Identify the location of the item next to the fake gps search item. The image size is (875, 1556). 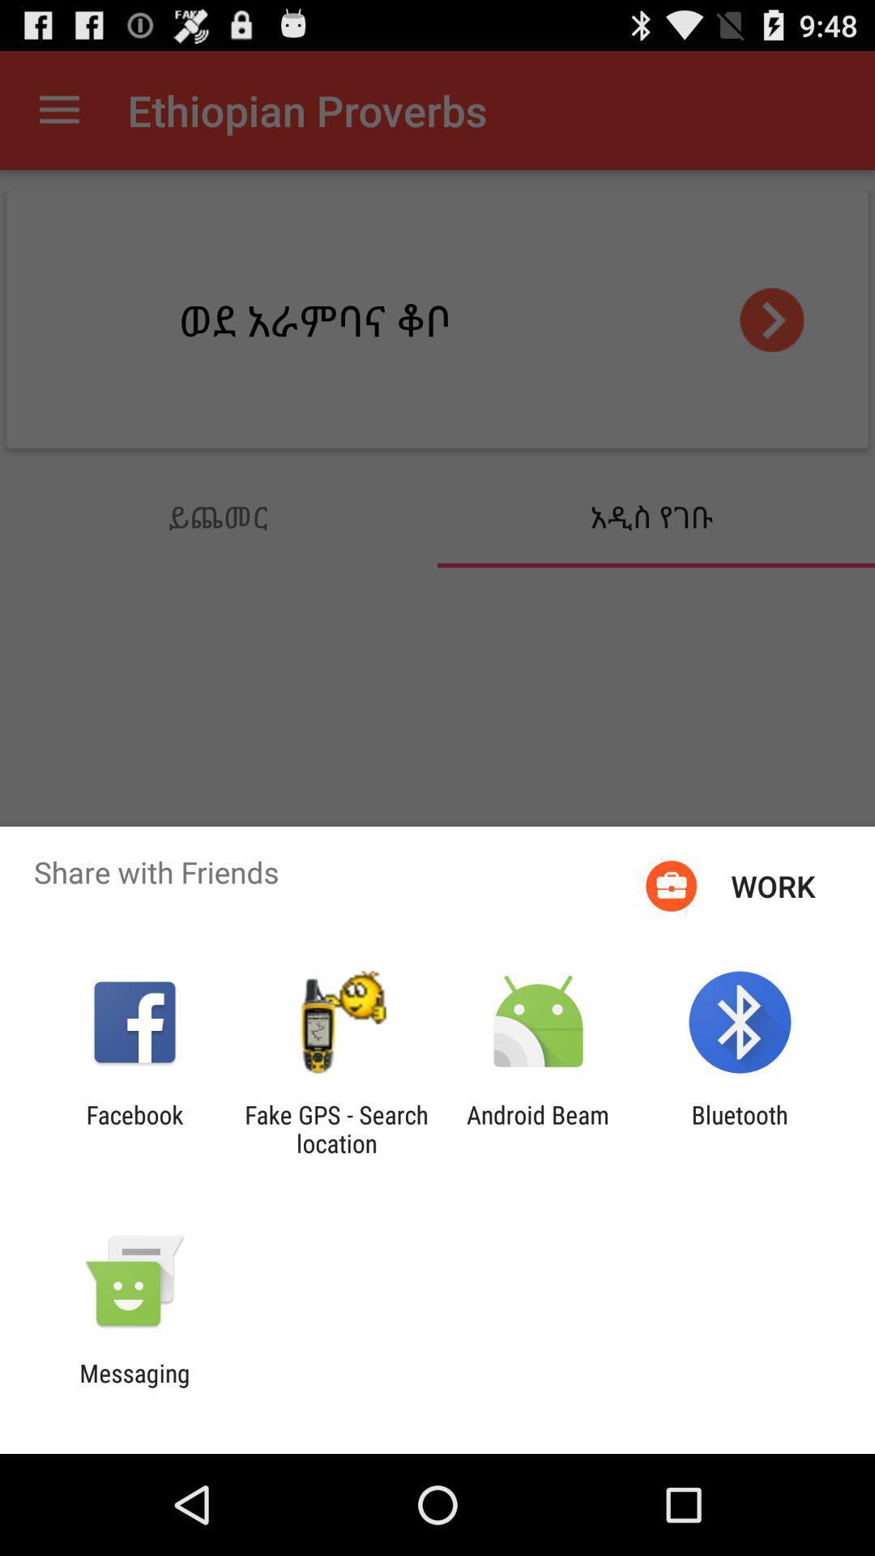
(538, 1128).